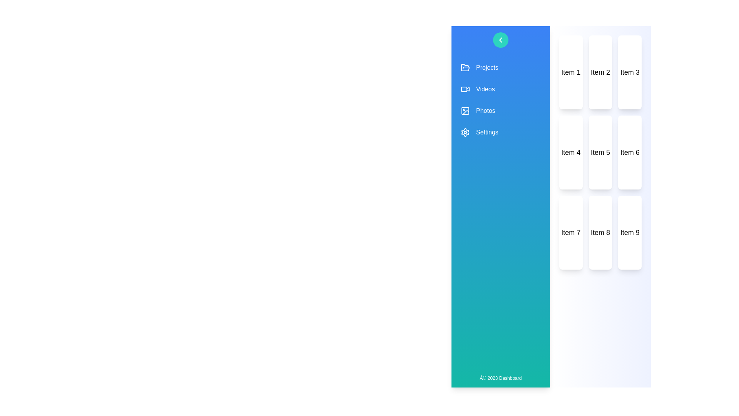 The height and width of the screenshot is (416, 739). What do you see at coordinates (500, 67) in the screenshot?
I see `the 'Projects' item in the sidebar to navigate to the Projects section` at bounding box center [500, 67].